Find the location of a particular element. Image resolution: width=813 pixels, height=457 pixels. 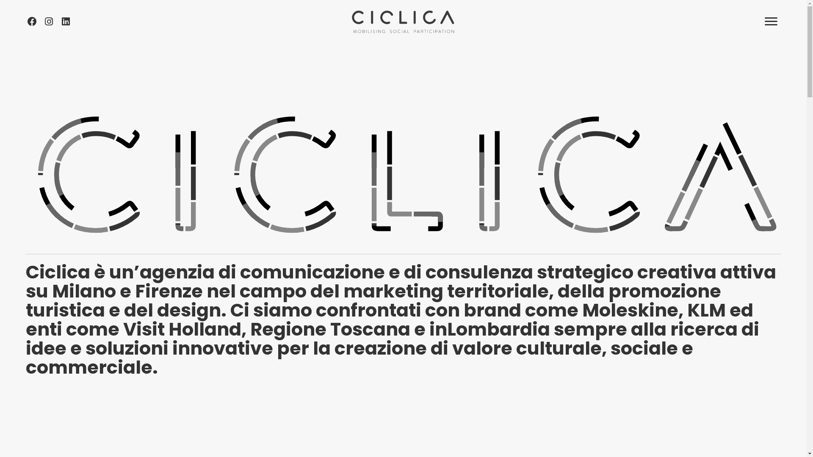

'CICLICA-bck_orizzontale_claim' is located at coordinates (402, 21).